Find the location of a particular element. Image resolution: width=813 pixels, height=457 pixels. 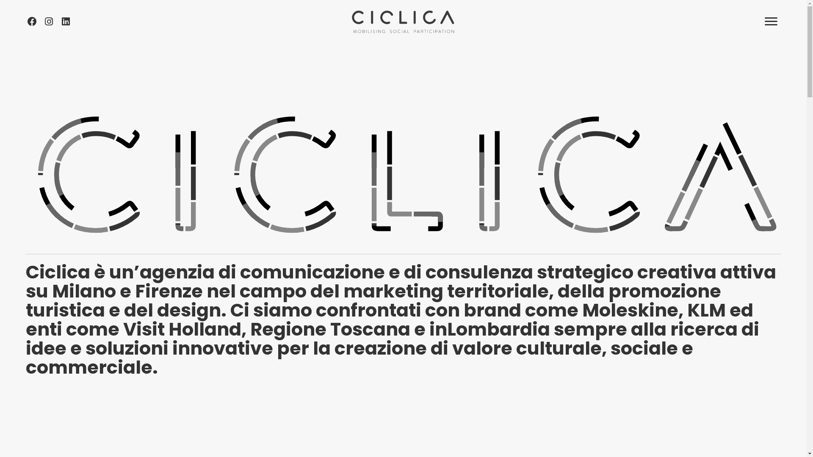

'CICLICA-bck_orizzontale_claim' is located at coordinates (402, 21).